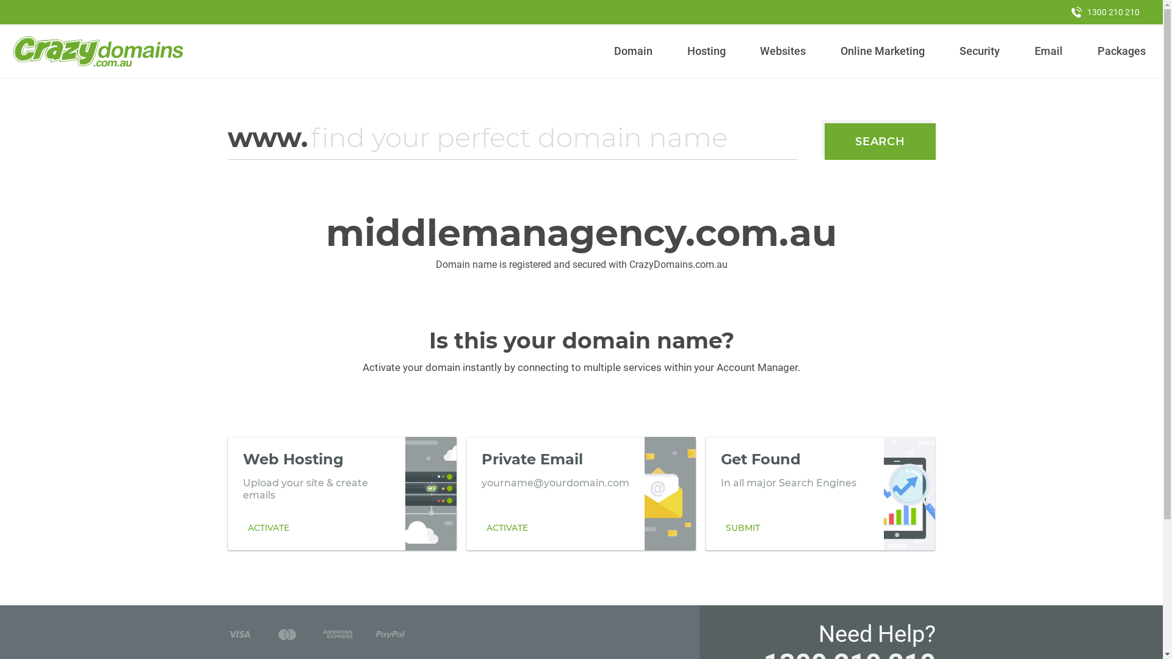 The image size is (1172, 659). Describe the element at coordinates (633, 51) in the screenshot. I see `'Domain'` at that location.